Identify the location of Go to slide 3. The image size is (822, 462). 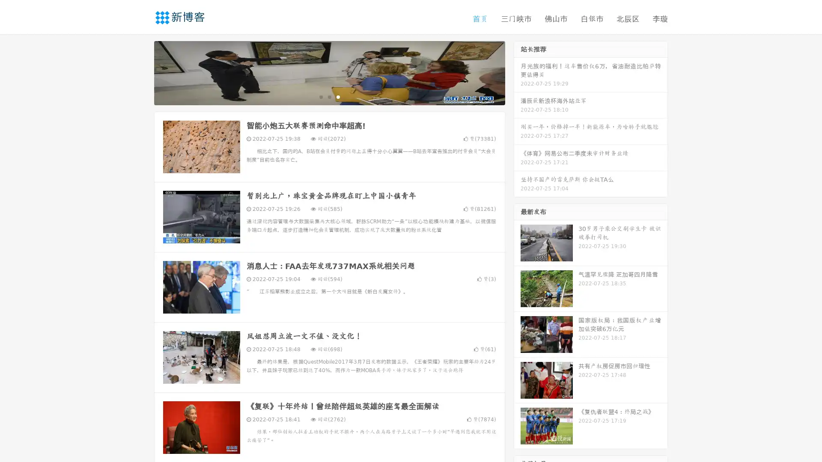
(338, 96).